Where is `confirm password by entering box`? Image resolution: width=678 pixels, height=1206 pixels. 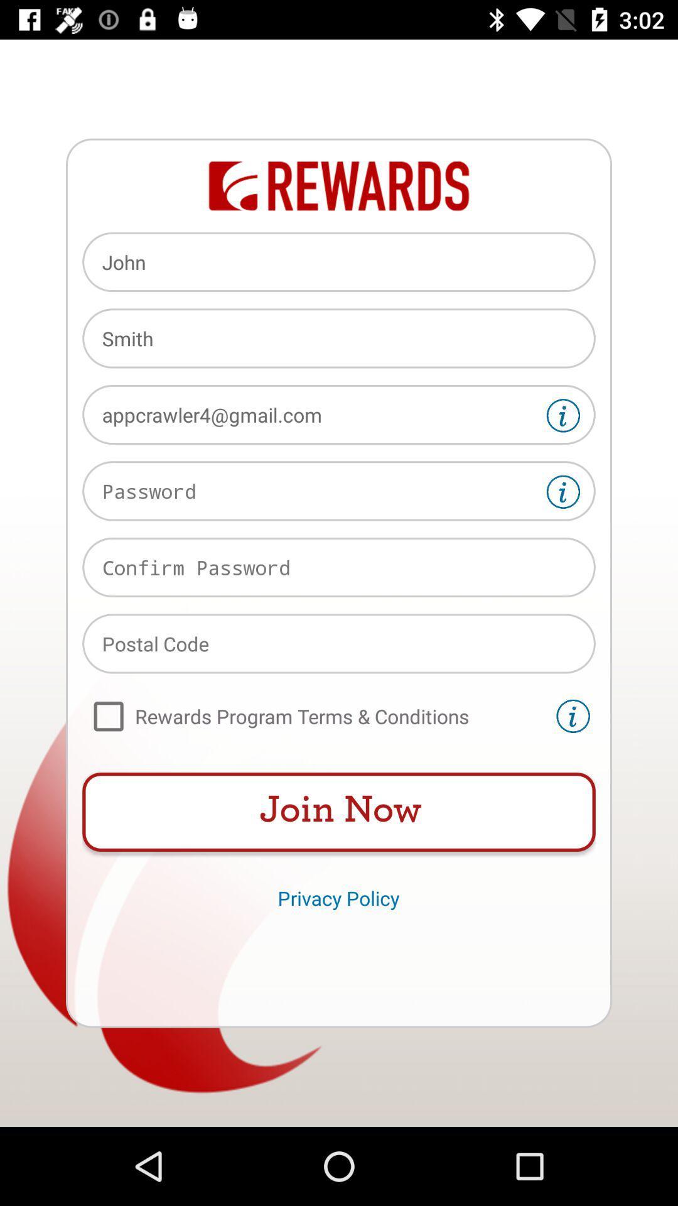 confirm password by entering box is located at coordinates (339, 567).